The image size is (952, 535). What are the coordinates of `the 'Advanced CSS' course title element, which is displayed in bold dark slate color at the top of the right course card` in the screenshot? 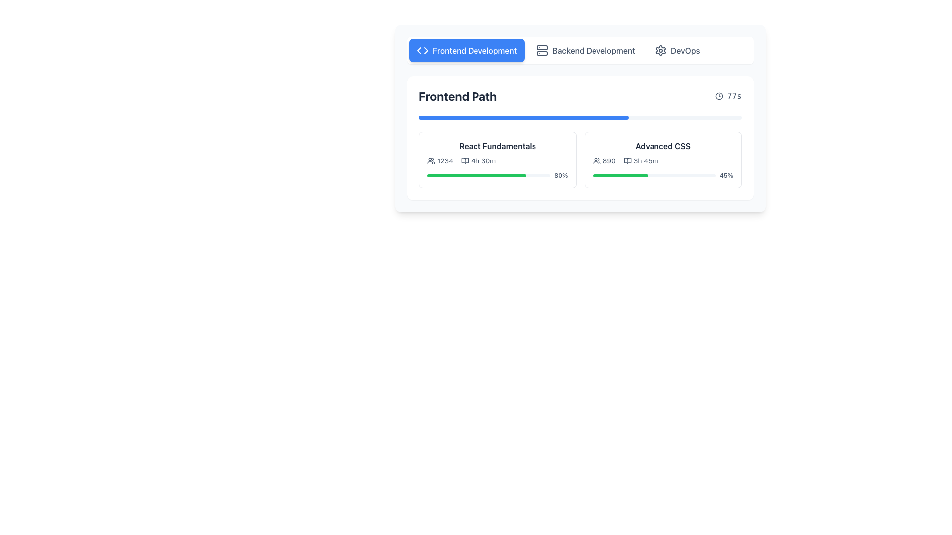 It's located at (663, 146).